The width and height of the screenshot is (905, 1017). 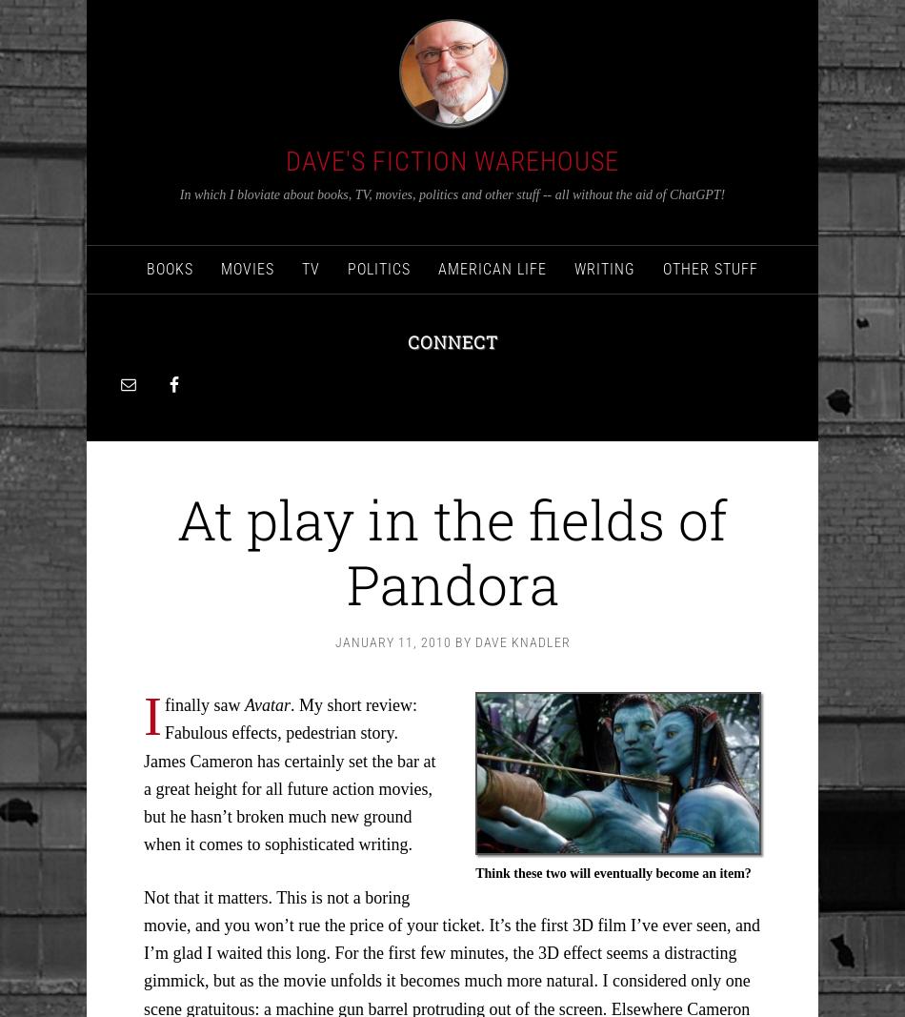 What do you see at coordinates (346, 268) in the screenshot?
I see `'politics'` at bounding box center [346, 268].